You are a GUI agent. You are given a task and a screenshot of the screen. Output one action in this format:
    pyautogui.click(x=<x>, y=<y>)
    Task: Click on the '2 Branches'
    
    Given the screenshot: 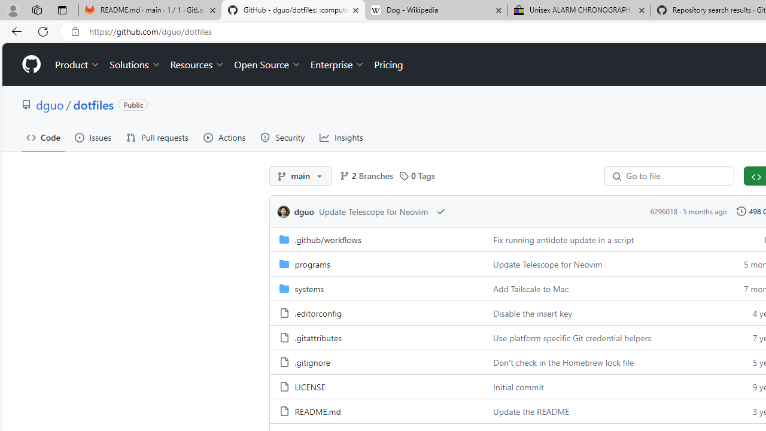 What is the action you would take?
    pyautogui.click(x=365, y=176)
    